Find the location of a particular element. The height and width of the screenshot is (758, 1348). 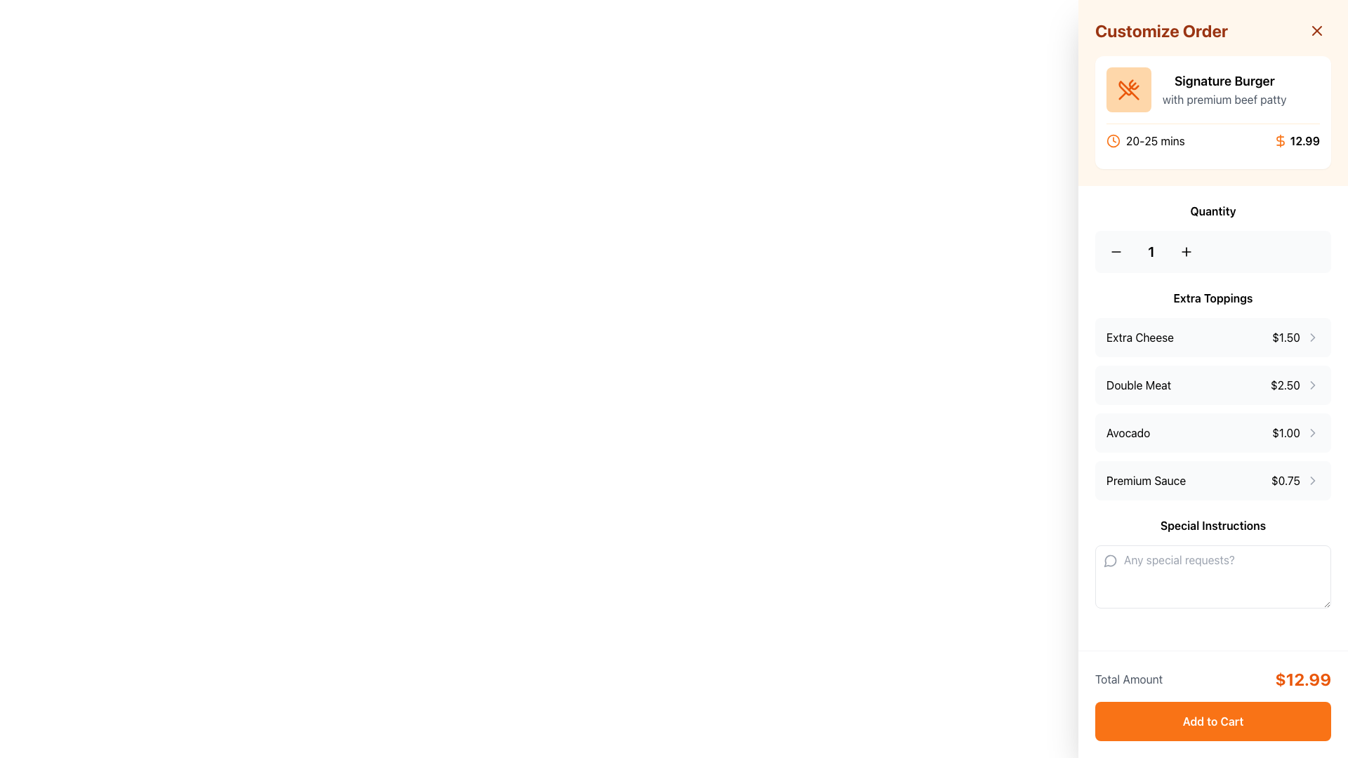

the first item in the 'Extra Toppings' list labeled 'Extra Cheese' is located at coordinates (1212, 338).